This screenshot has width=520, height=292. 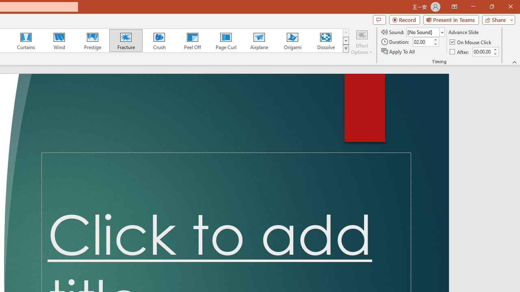 I want to click on 'Peel Off', so click(x=192, y=41).